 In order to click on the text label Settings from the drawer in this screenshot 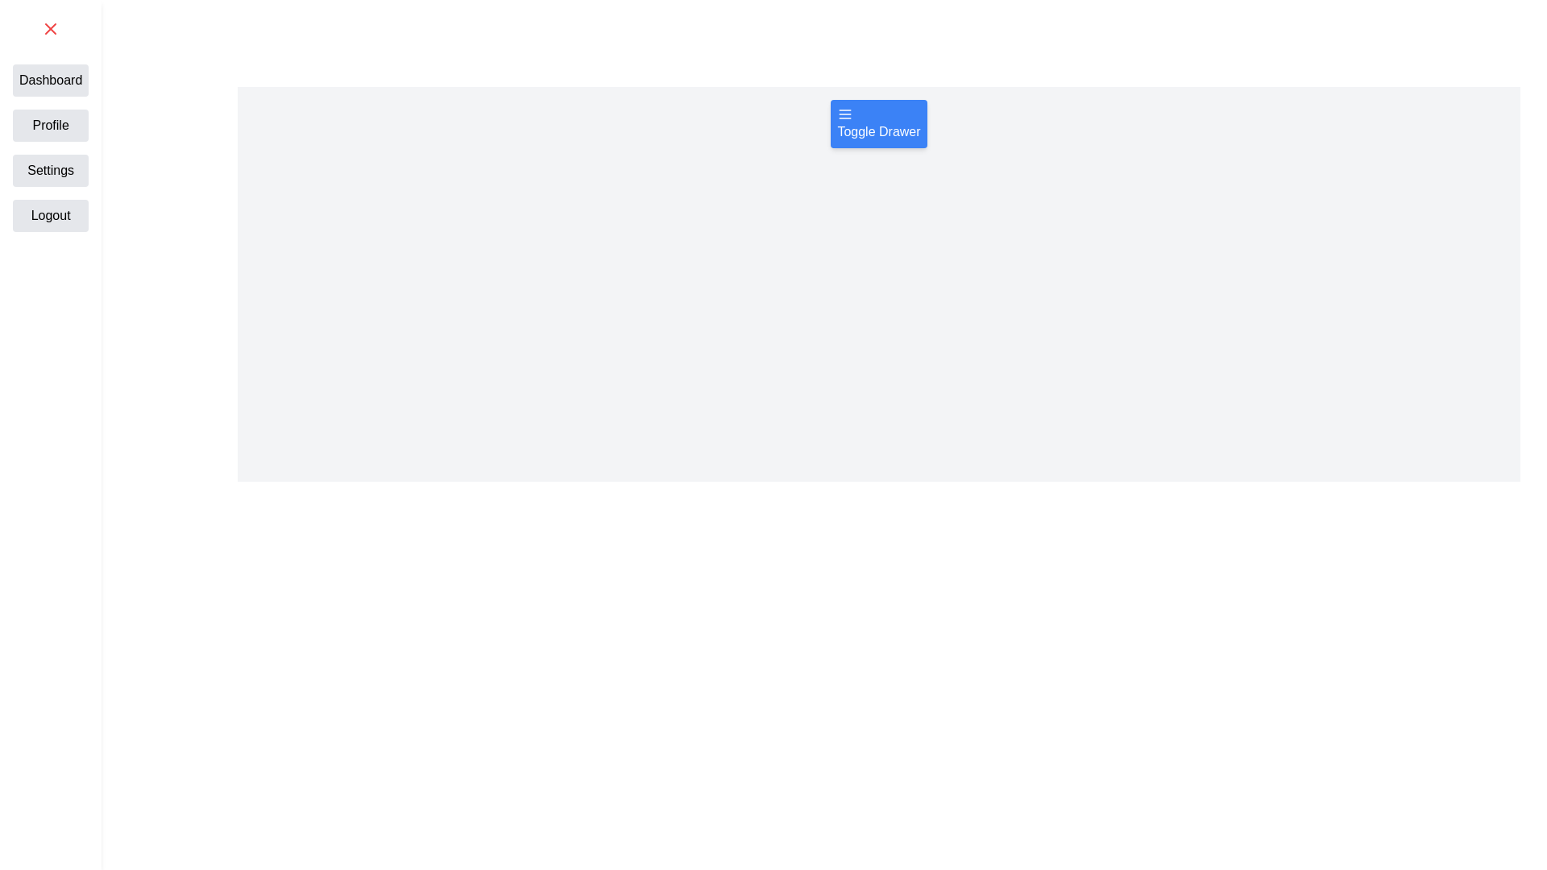, I will do `click(51, 171)`.